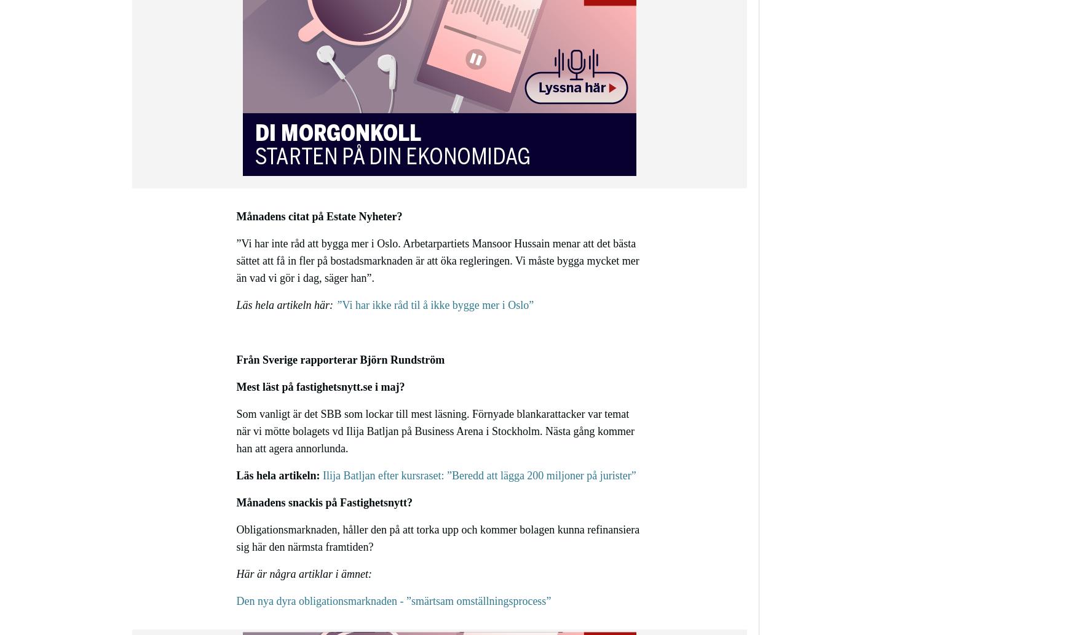 This screenshot has width=1076, height=635. What do you see at coordinates (438, 538) in the screenshot?
I see `'Obligationsmarknaden, håller den på att torka upp och kommer bolagen kunna refinansiera sig här den närmsta framtiden?'` at bounding box center [438, 538].